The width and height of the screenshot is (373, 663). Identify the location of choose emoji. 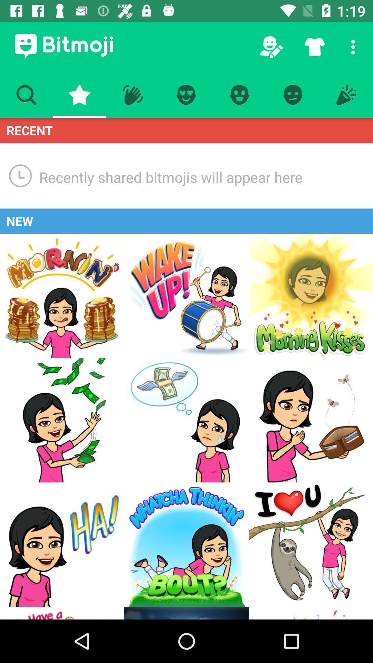
(62, 613).